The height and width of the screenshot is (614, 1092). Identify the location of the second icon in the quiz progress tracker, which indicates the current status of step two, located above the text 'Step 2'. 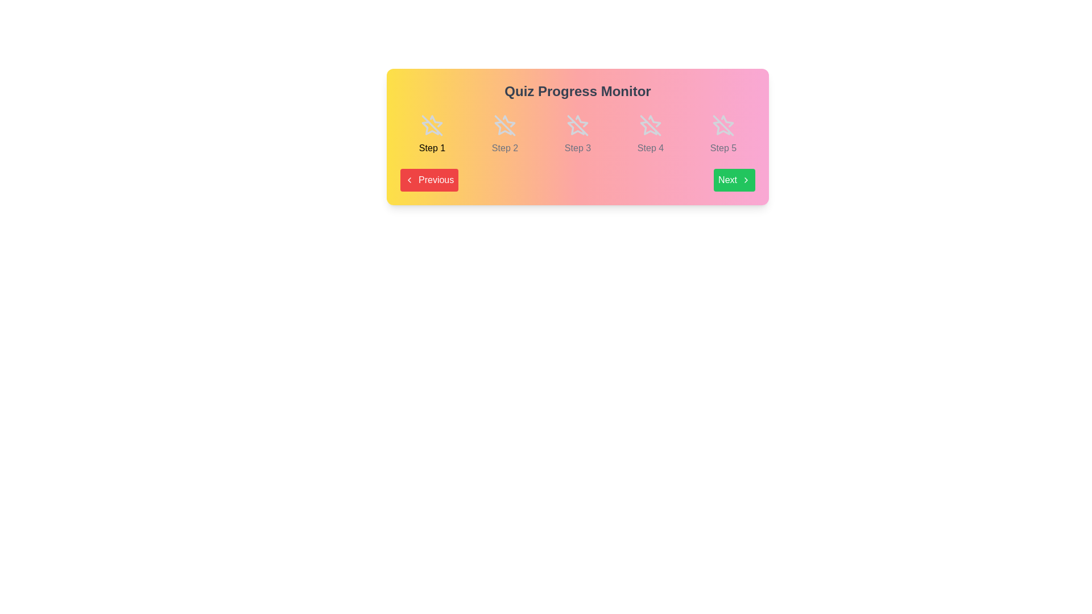
(502, 128).